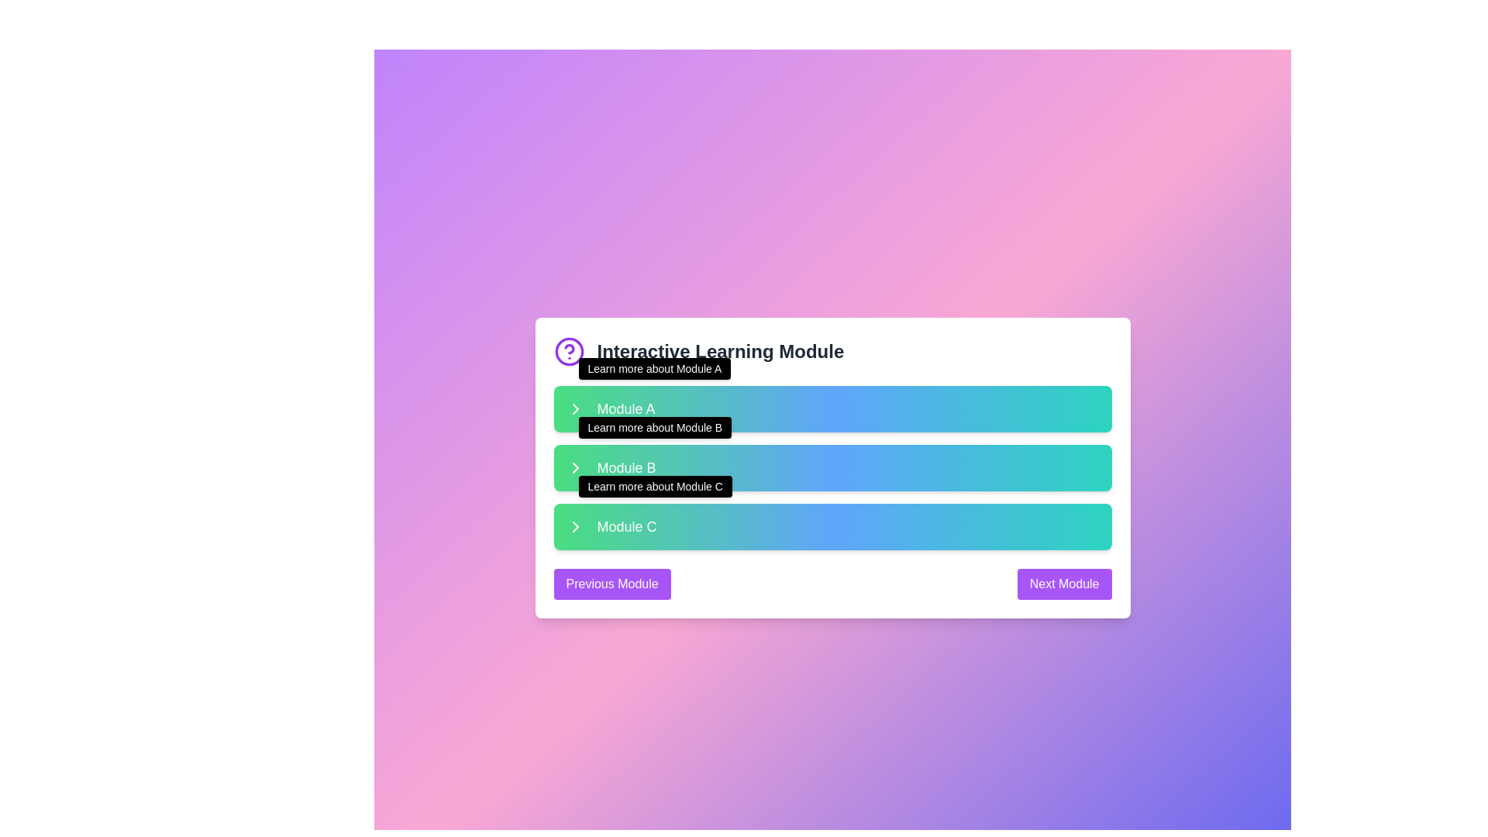  What do you see at coordinates (568, 352) in the screenshot?
I see `the circular purple icon containing a question mark, located to the left of the 'Interactive Learning Module' text` at bounding box center [568, 352].